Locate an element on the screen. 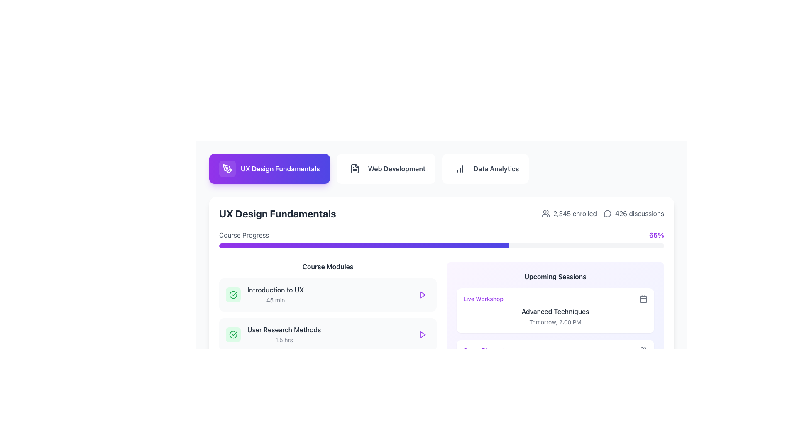 This screenshot has height=448, width=797. the green checkmark icon within the 'User Research Methods' module card, which indicates a successful status is located at coordinates (232, 334).